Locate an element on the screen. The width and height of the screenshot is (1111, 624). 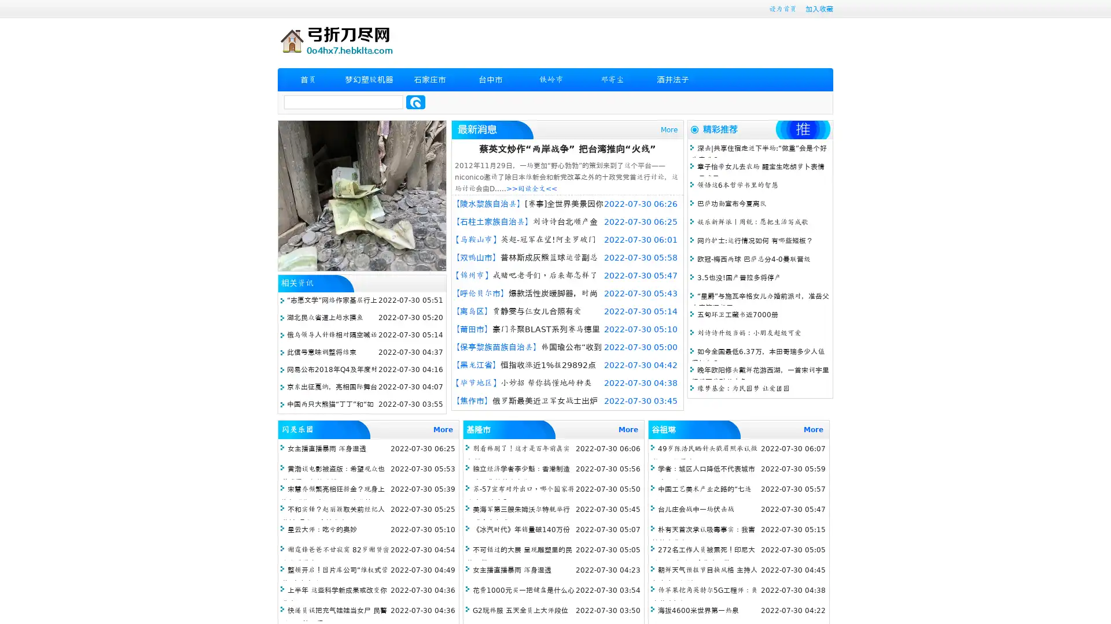
Search is located at coordinates (415, 102).